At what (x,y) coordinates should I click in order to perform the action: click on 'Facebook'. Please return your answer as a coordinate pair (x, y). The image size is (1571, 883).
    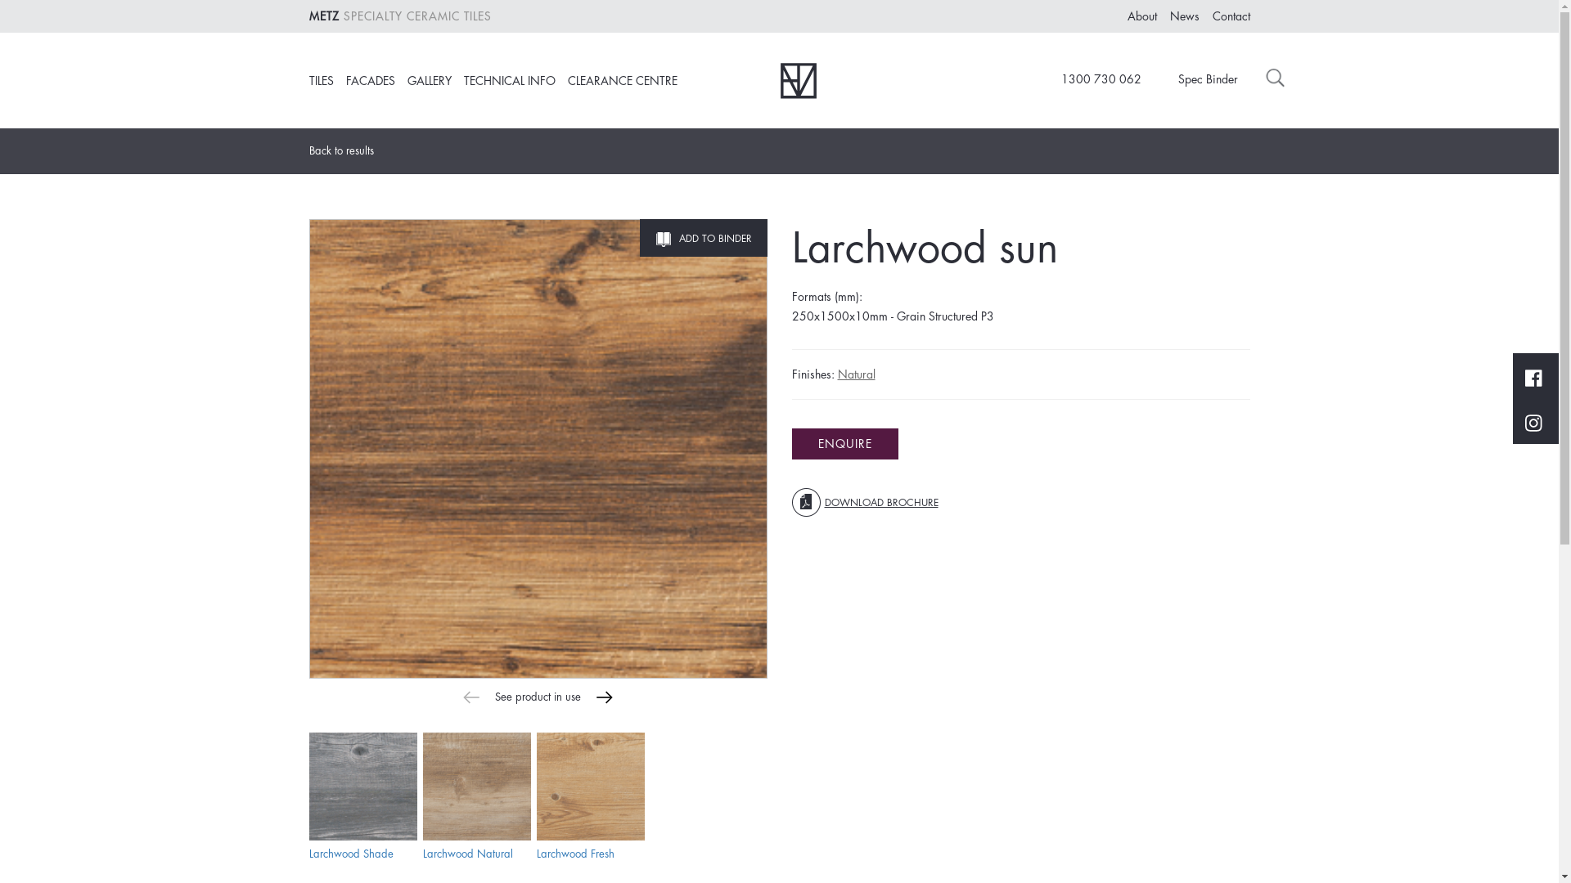
    Looking at the image, I should click on (1524, 375).